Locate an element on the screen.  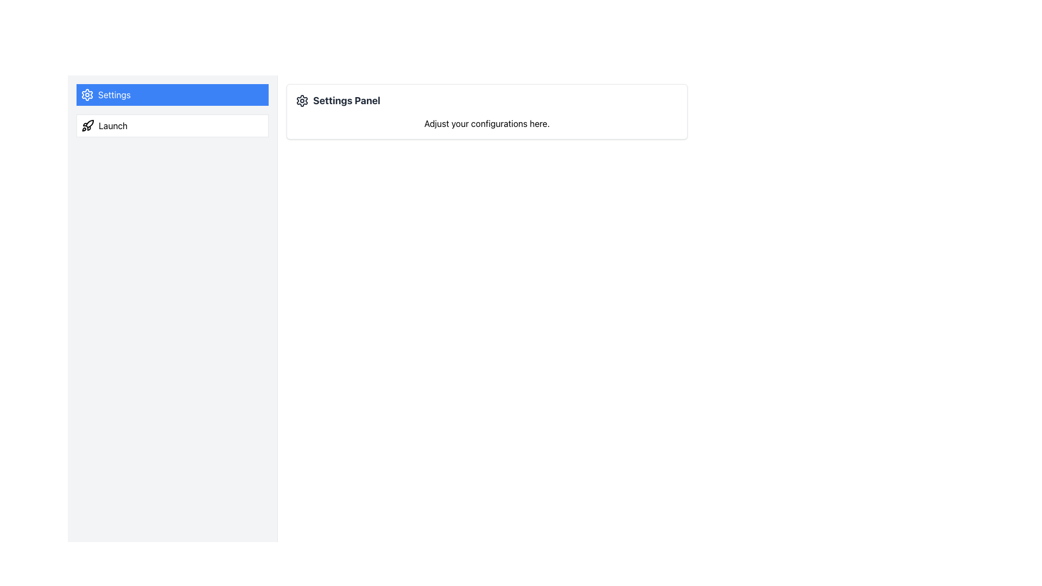
the cogwheel icon representing the settings option, which is located to the left of the 'Settings Panel' text label is located at coordinates (302, 100).